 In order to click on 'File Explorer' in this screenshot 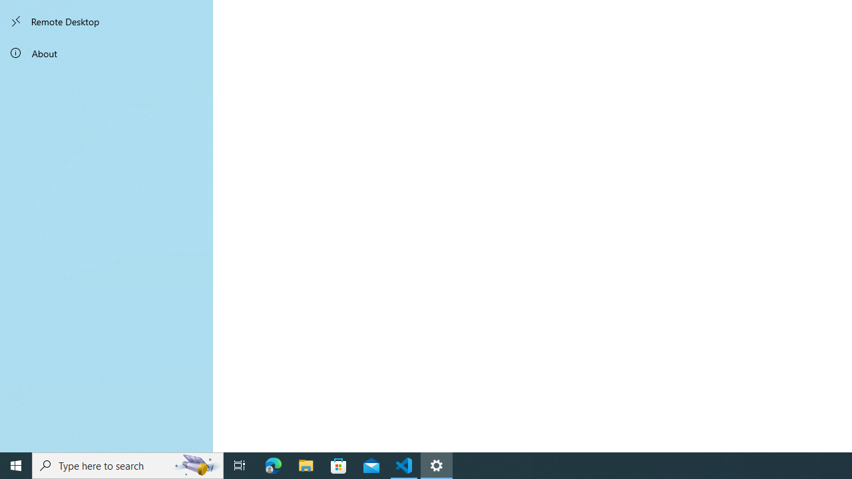, I will do `click(306, 464)`.